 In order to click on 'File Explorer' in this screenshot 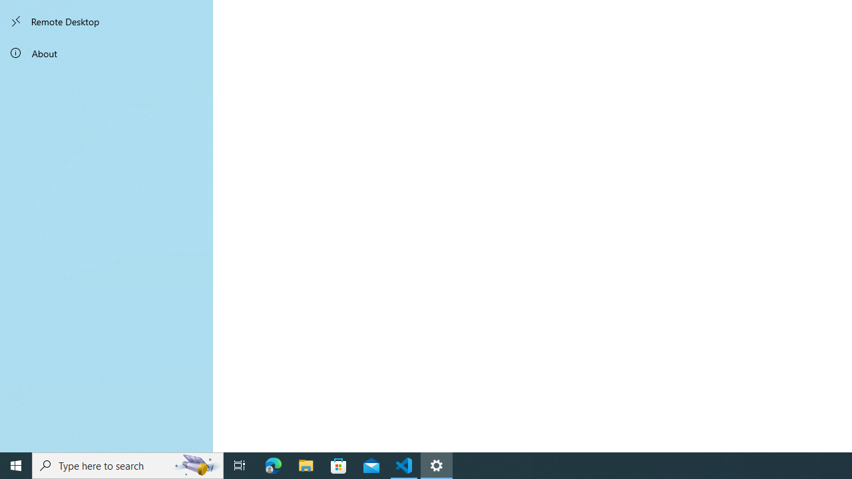, I will do `click(306, 464)`.